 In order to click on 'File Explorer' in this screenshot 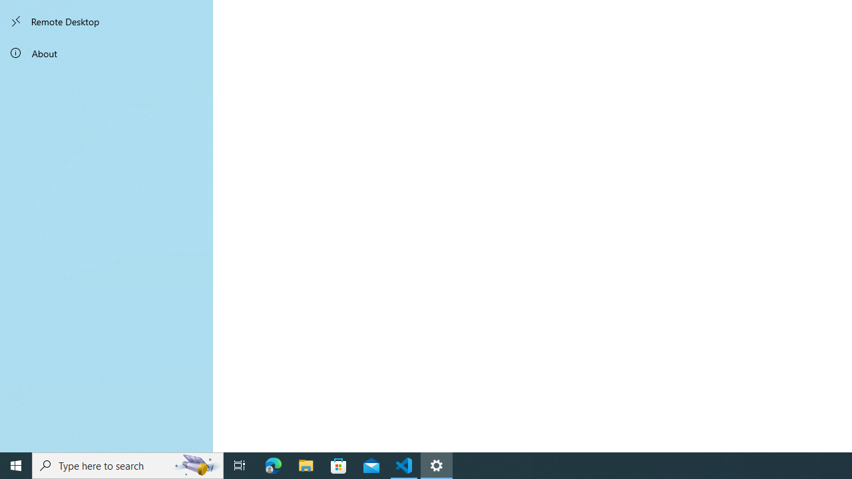, I will do `click(306, 464)`.